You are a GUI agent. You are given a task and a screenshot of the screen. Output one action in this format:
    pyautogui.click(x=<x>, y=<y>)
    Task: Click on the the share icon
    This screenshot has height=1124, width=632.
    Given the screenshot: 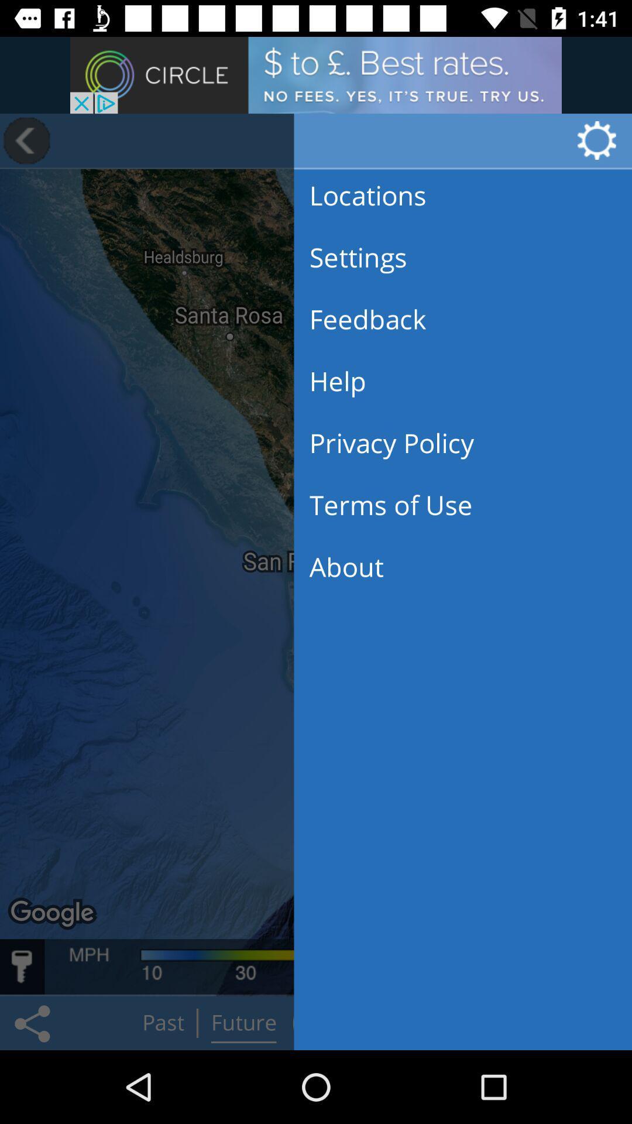 What is the action you would take?
    pyautogui.click(x=34, y=1022)
    